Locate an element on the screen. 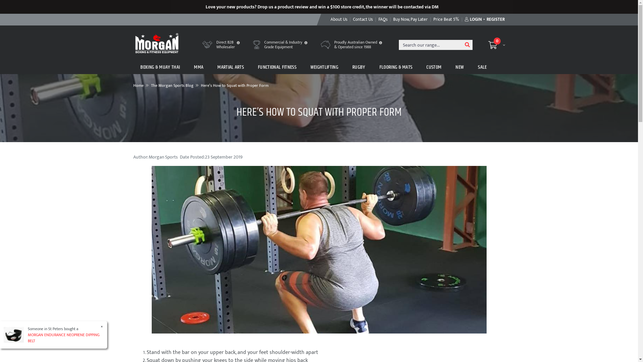 This screenshot has height=362, width=643. 'Search' is located at coordinates (462, 45).